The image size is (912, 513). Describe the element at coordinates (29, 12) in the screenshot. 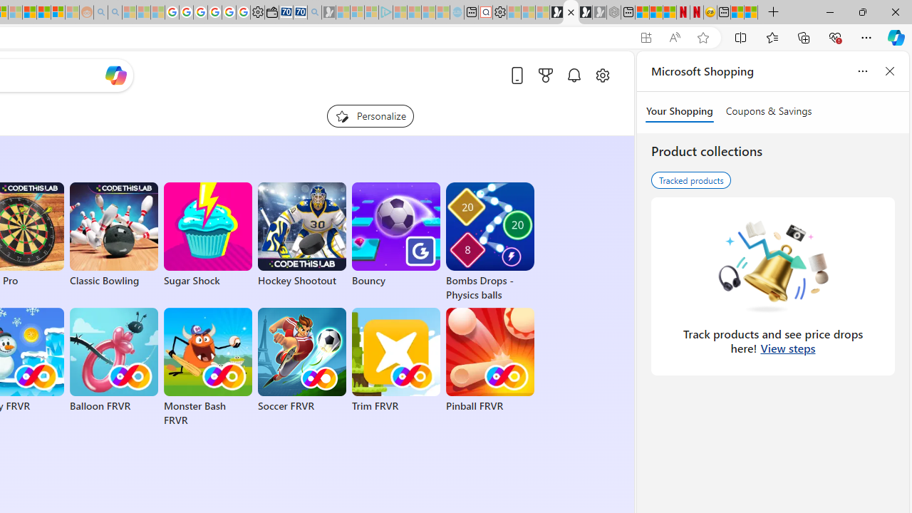

I see `'Expert Portfolios'` at that location.